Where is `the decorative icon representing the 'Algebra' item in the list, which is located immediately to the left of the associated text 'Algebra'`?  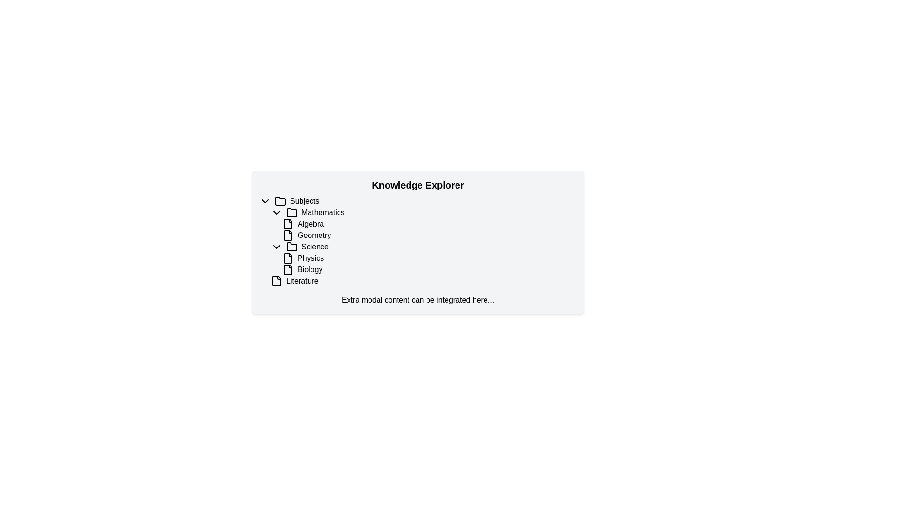
the decorative icon representing the 'Algebra' item in the list, which is located immediately to the left of the associated text 'Algebra' is located at coordinates (287, 224).